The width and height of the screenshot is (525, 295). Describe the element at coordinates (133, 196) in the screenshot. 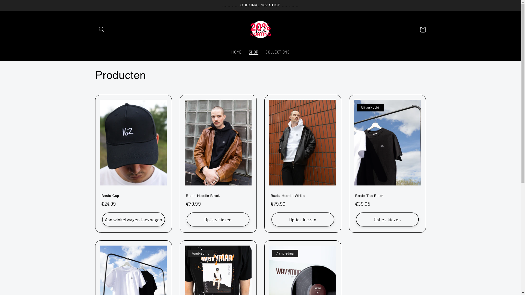

I see `'Basic Cap'` at that location.